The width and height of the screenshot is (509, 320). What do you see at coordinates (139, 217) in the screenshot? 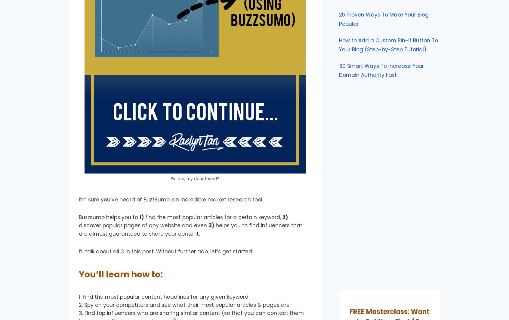
I see `'1)'` at bounding box center [139, 217].